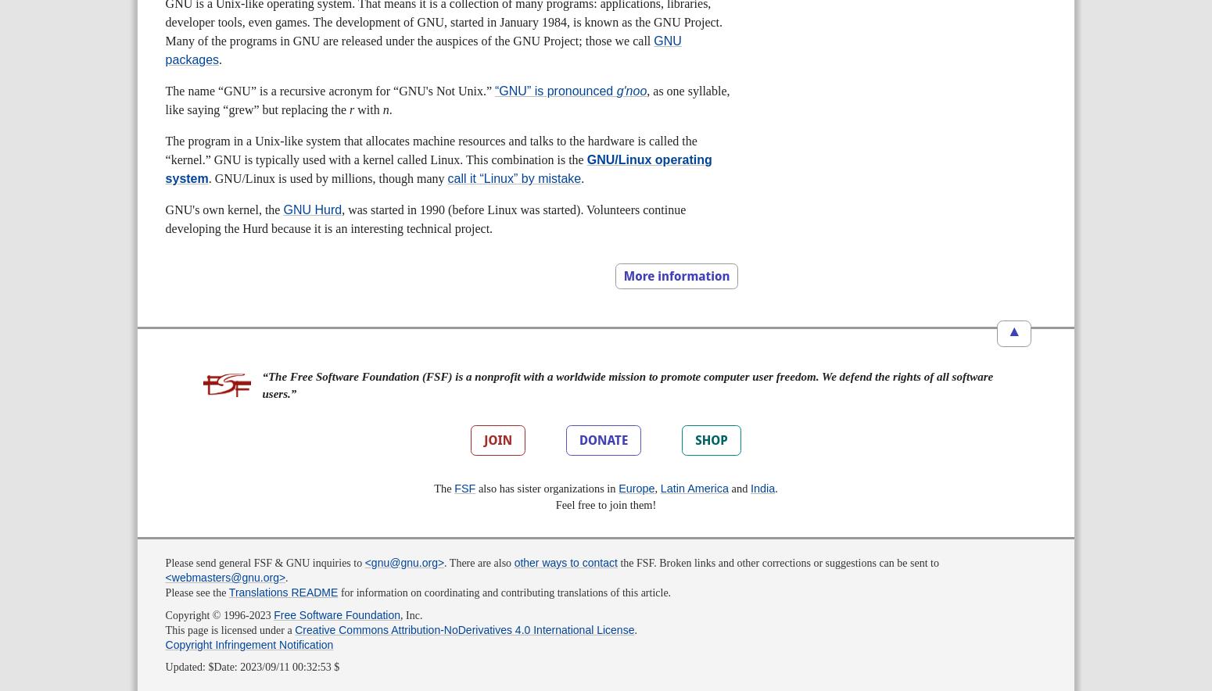 Image resolution: width=1212 pixels, height=691 pixels. I want to click on '.
There are also', so click(444, 561).